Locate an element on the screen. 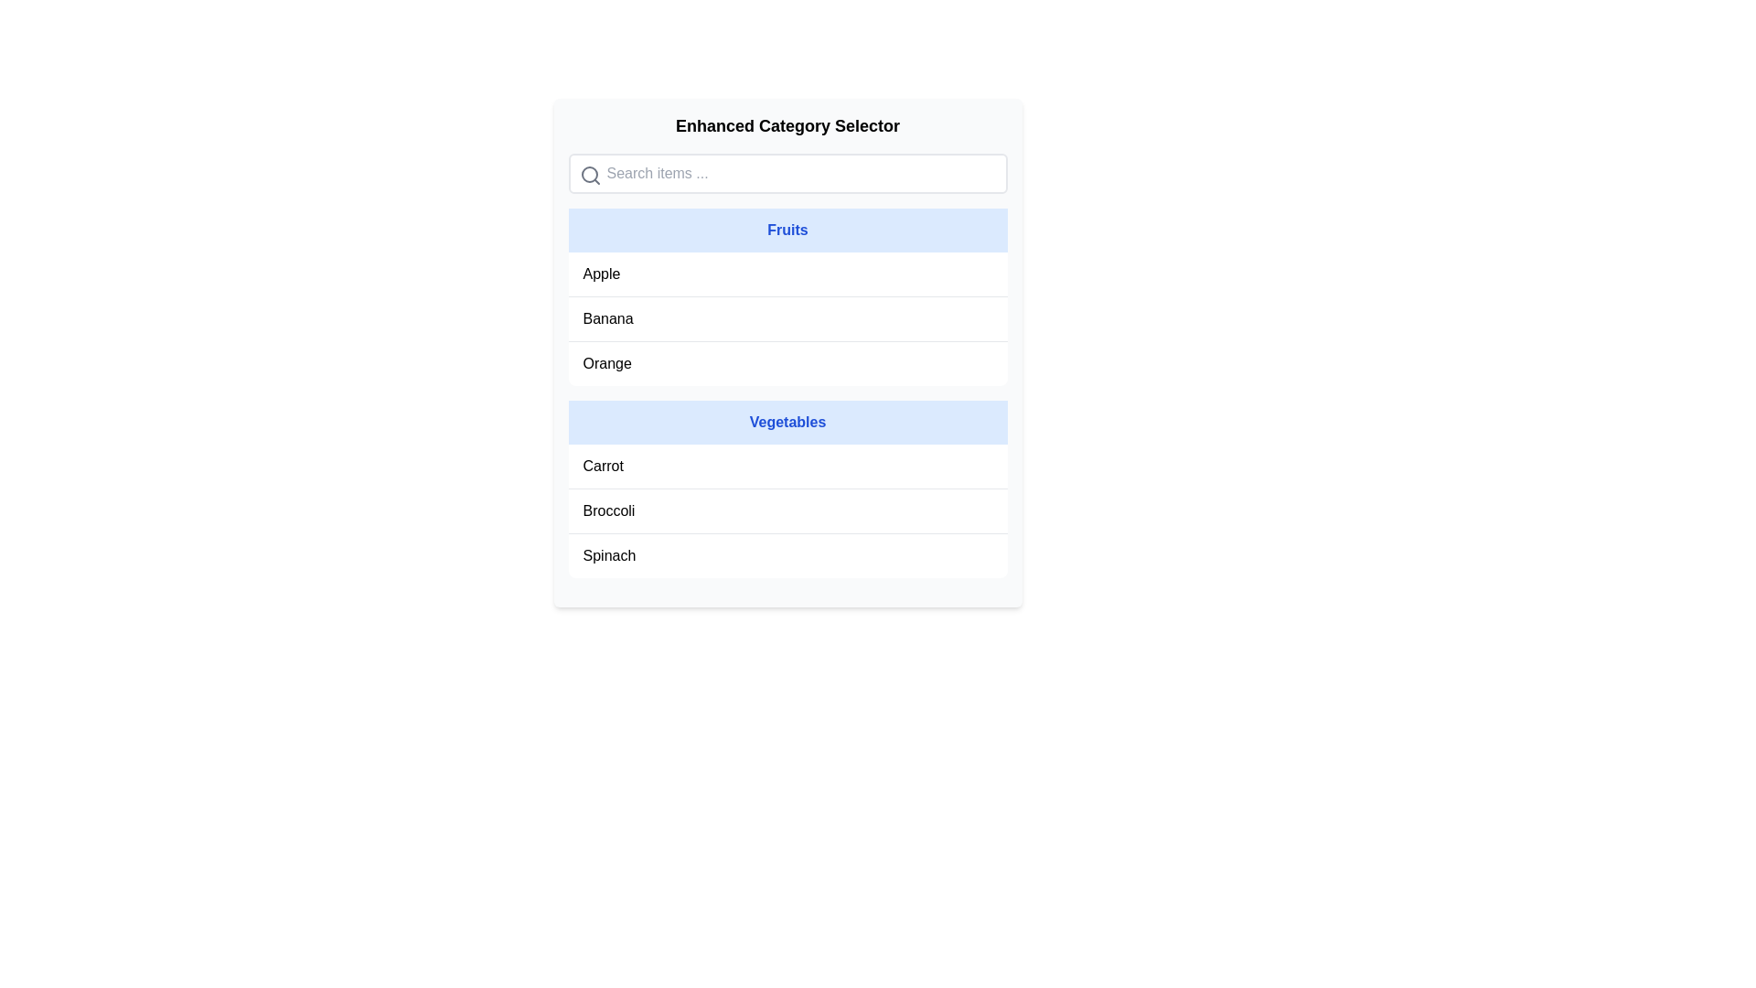 The width and height of the screenshot is (1756, 988). the row labeled 'Banana' within the 'Fruits' section is located at coordinates (787, 317).